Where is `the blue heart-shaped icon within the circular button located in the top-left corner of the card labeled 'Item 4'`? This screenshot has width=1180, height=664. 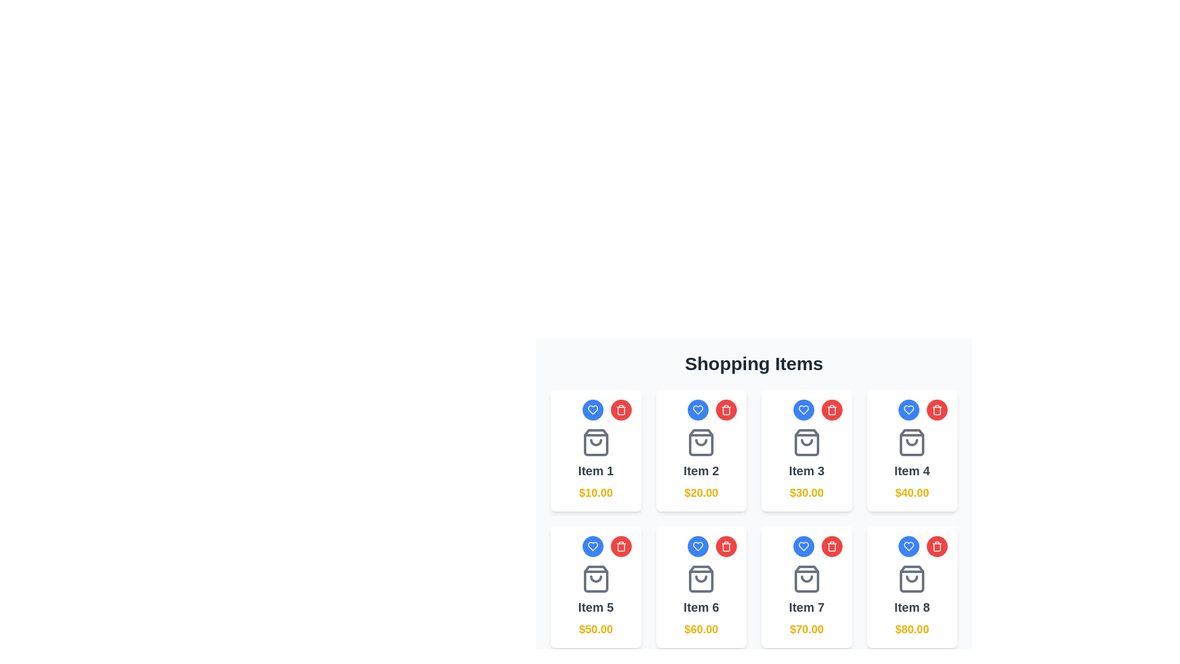 the blue heart-shaped icon within the circular button located in the top-left corner of the card labeled 'Item 4' is located at coordinates (908, 410).